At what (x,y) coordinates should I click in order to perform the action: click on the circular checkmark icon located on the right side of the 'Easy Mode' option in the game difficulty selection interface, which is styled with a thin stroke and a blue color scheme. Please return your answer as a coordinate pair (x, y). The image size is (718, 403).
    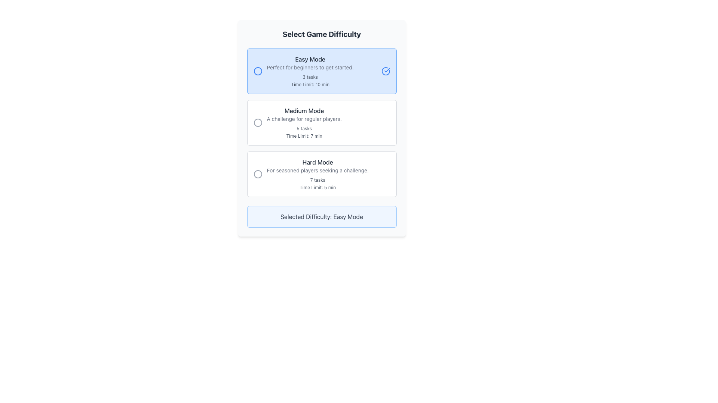
    Looking at the image, I should click on (386, 71).